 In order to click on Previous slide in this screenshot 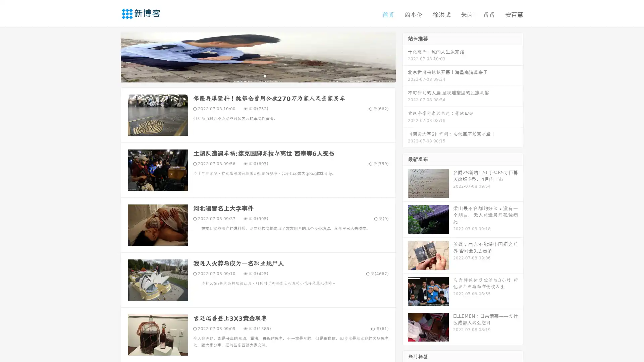, I will do `click(111, 56)`.